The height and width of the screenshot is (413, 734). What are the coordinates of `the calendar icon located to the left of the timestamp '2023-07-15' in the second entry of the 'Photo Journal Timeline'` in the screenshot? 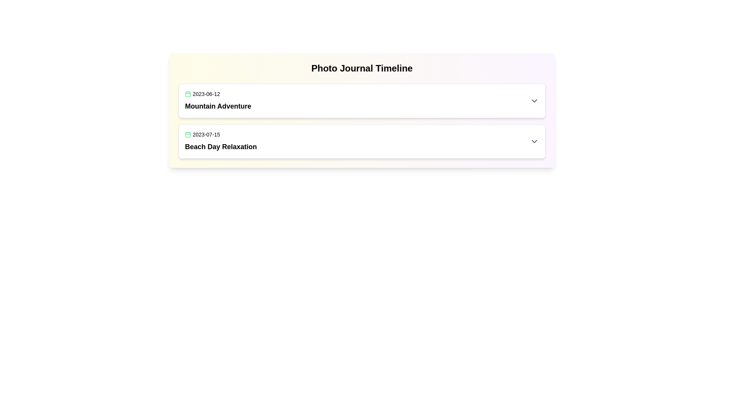 It's located at (188, 134).